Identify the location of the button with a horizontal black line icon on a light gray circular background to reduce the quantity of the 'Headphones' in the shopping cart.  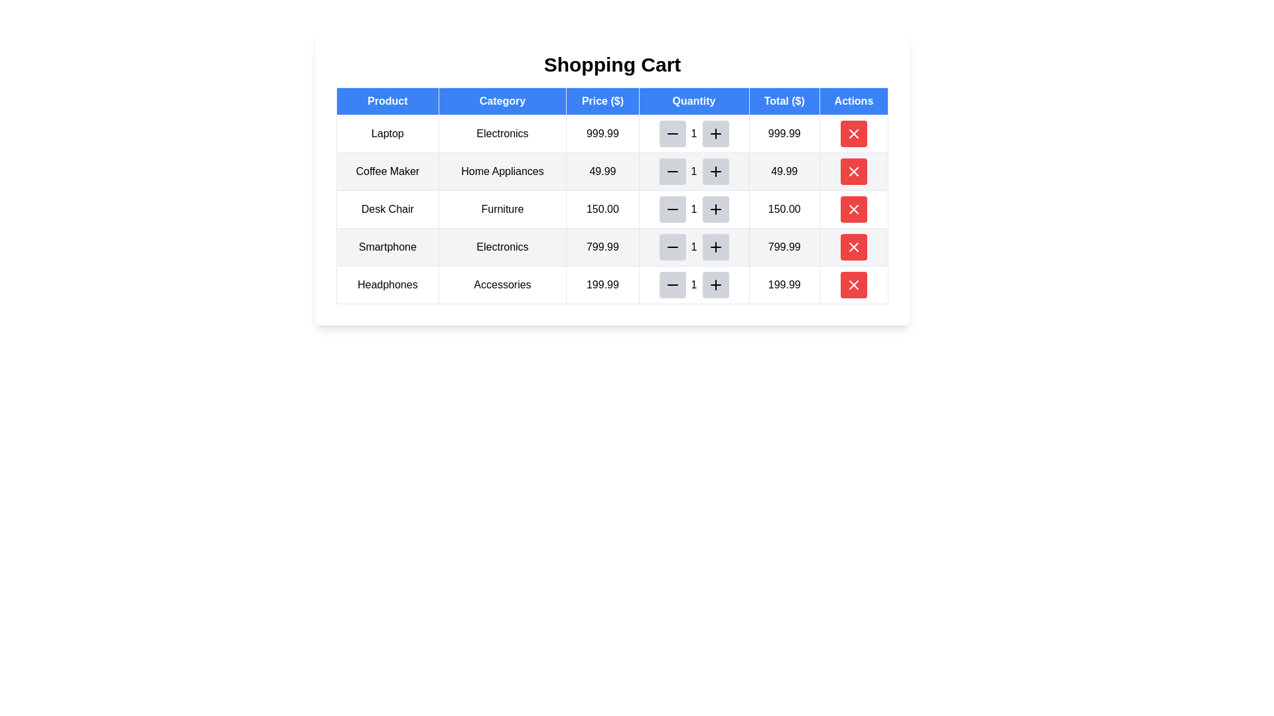
(672, 284).